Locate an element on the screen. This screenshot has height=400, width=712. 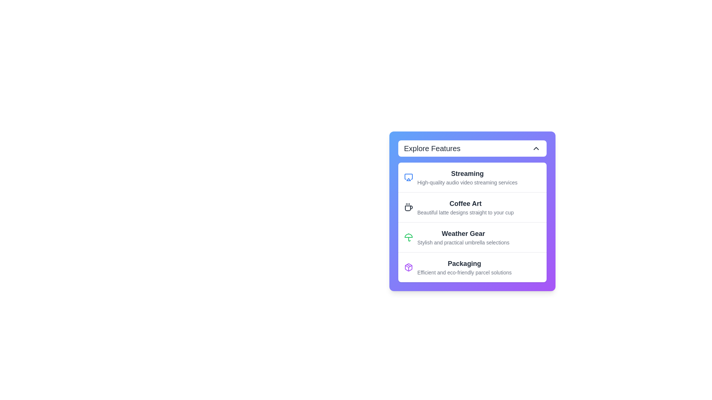
text from the textual description element located at the bottom of the 'Explore Features' section, which provides information about packaging services is located at coordinates (464, 267).